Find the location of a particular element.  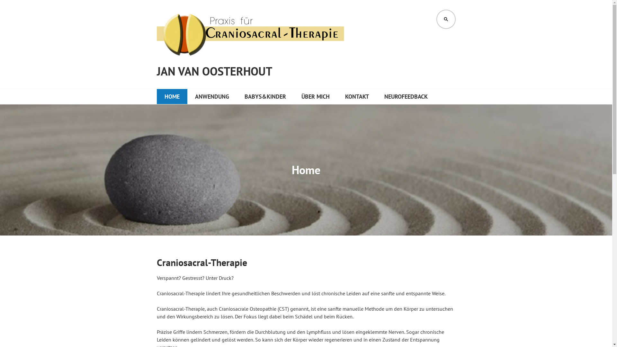

'JAN VAN OOSTERHOUT' is located at coordinates (214, 71).